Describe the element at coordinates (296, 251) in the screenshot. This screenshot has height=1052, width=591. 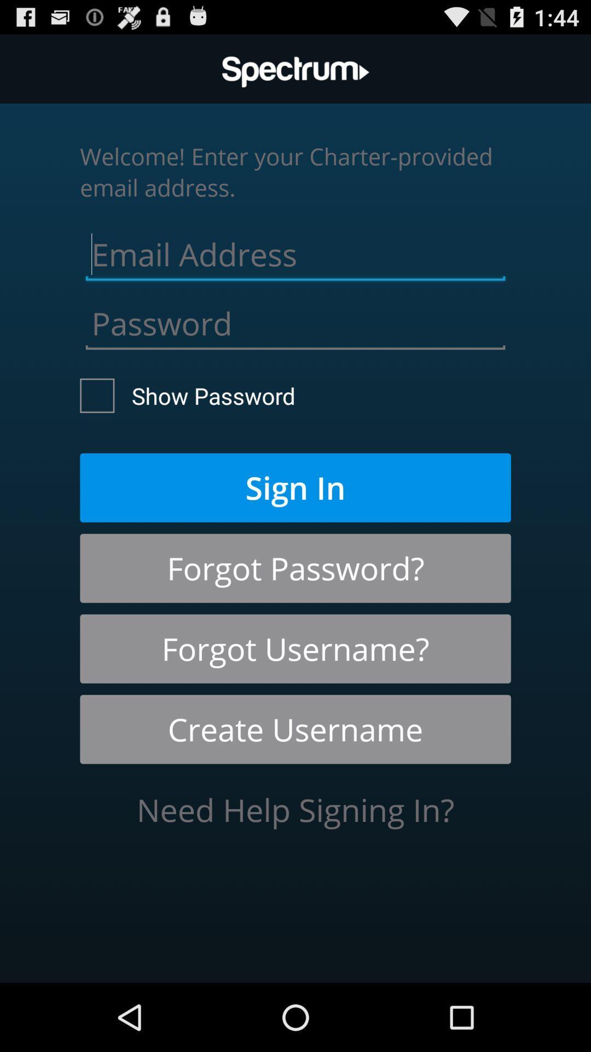
I see `your e-mail address` at that location.